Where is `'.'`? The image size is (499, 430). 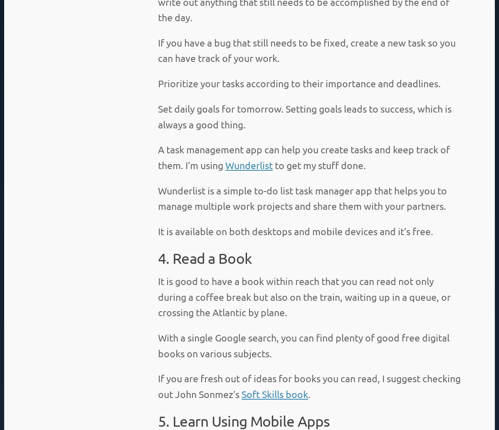
'.' is located at coordinates (308, 393).